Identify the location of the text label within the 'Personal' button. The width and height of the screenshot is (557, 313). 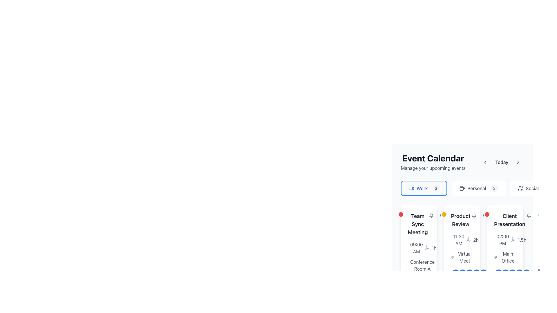
(477, 188).